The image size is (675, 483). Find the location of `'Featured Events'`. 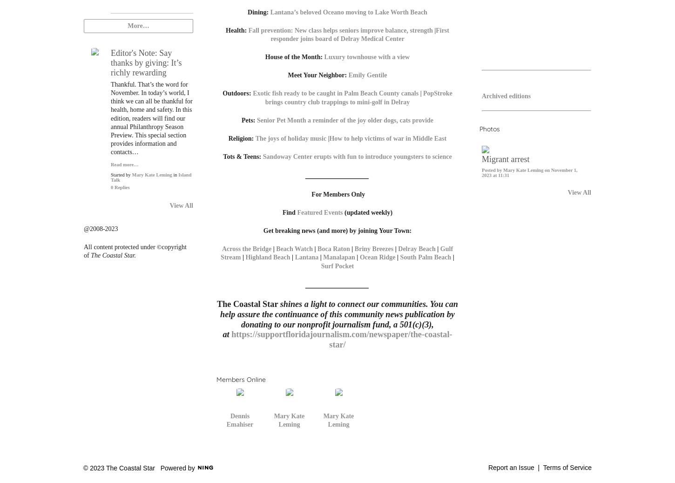

'Featured Events' is located at coordinates (319, 211).